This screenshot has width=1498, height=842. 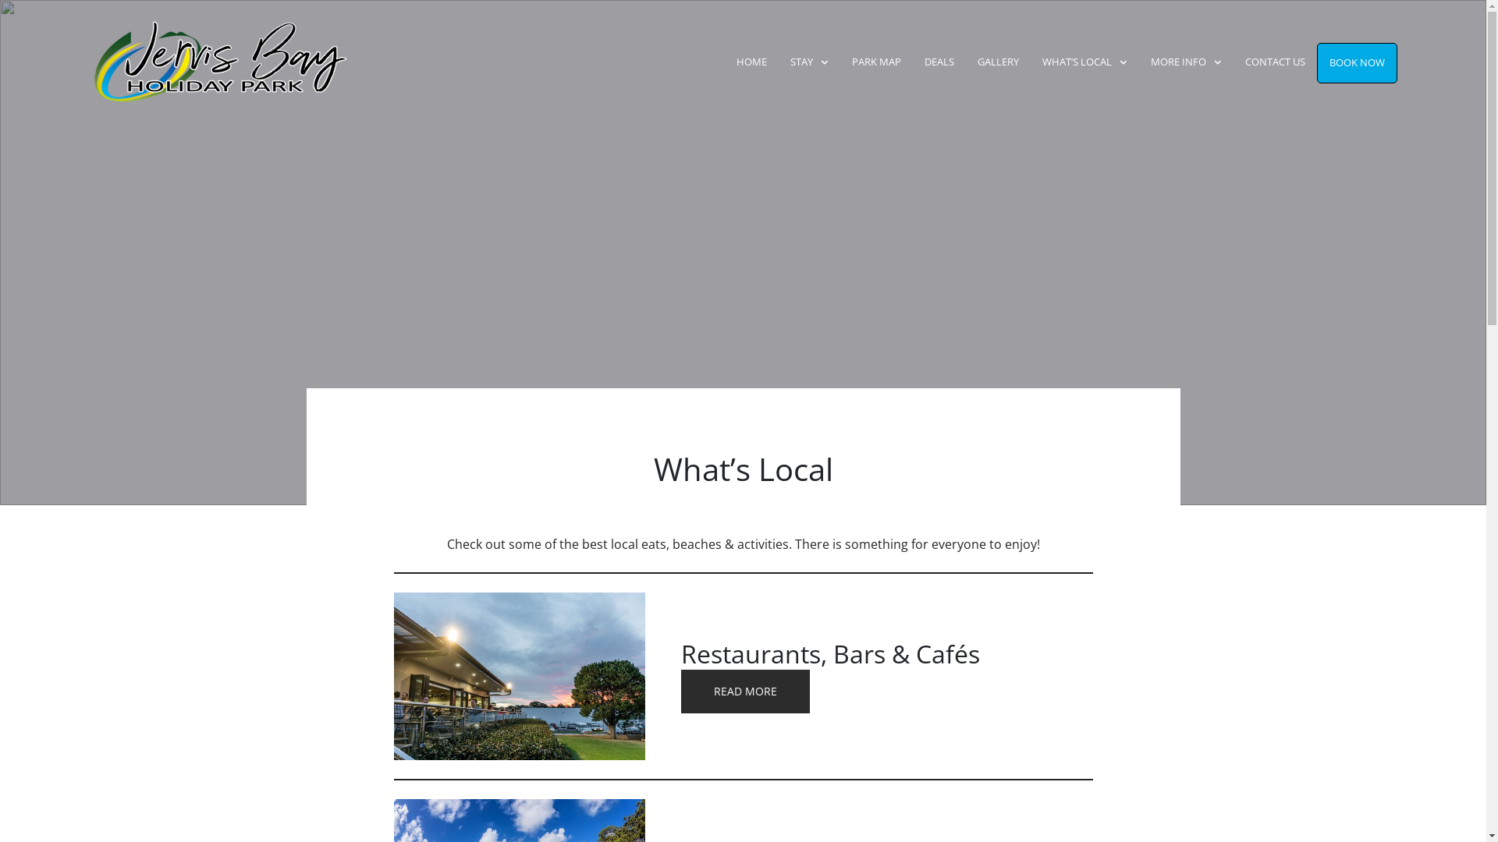 What do you see at coordinates (997, 62) in the screenshot?
I see `'GALLERY'` at bounding box center [997, 62].